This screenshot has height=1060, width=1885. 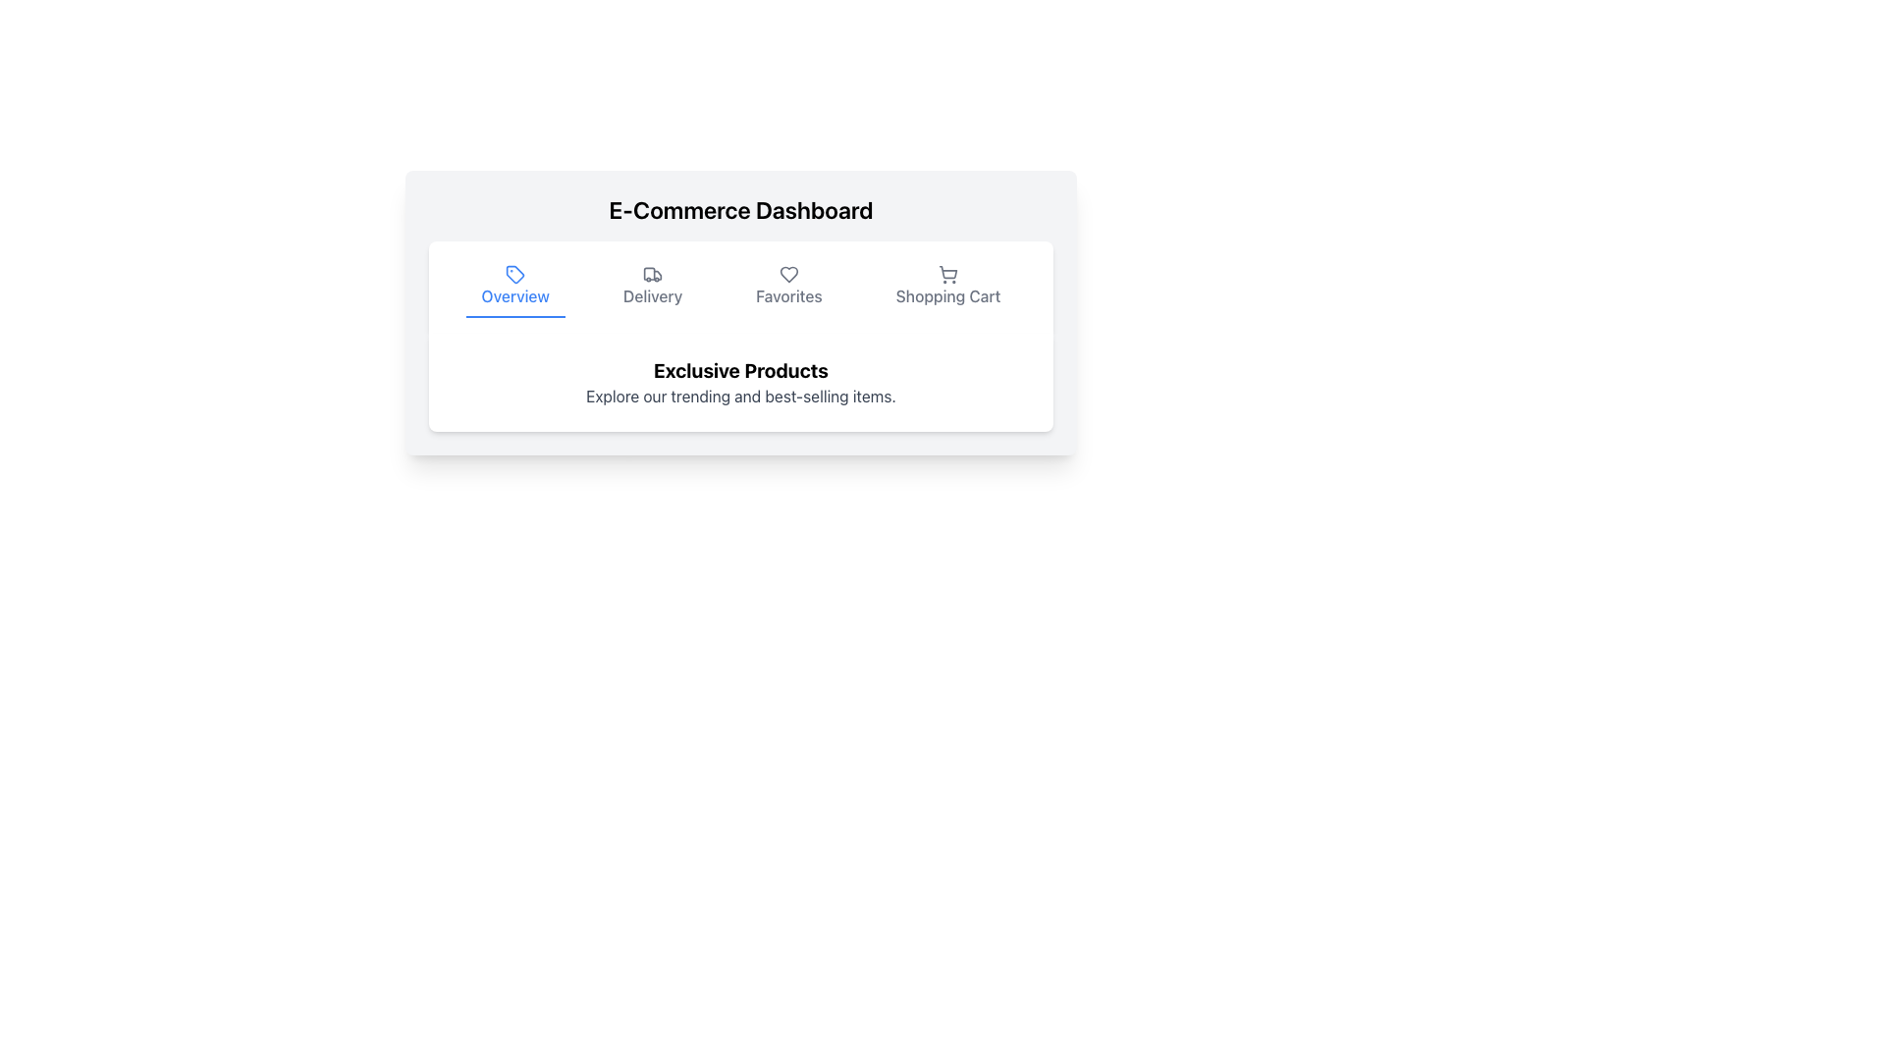 I want to click on the 'Favorites' text label in the navigation bar, so click(x=788, y=295).